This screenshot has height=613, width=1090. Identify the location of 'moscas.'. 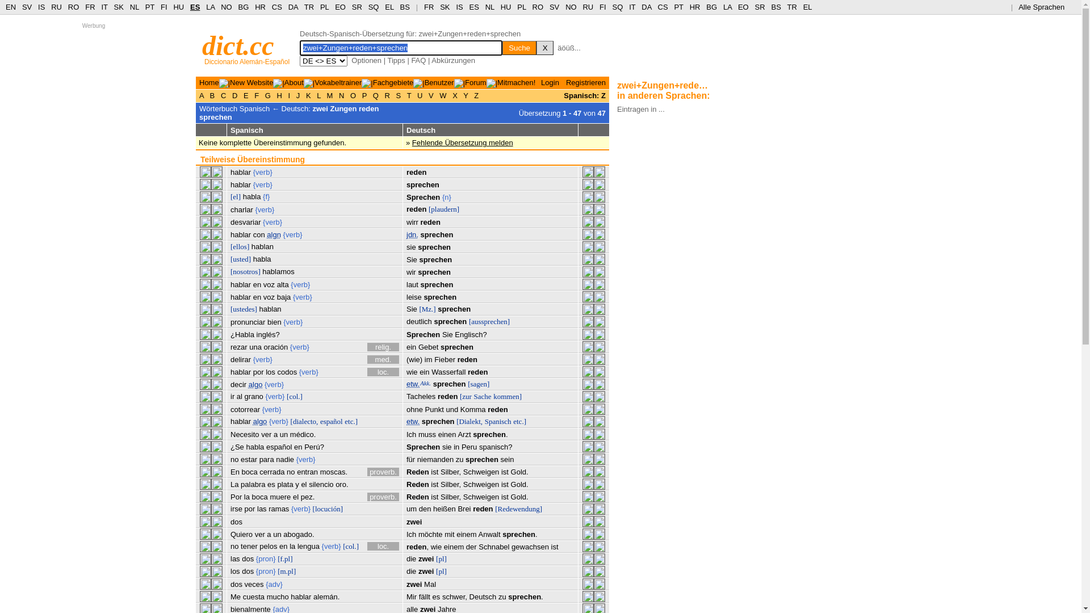
(333, 472).